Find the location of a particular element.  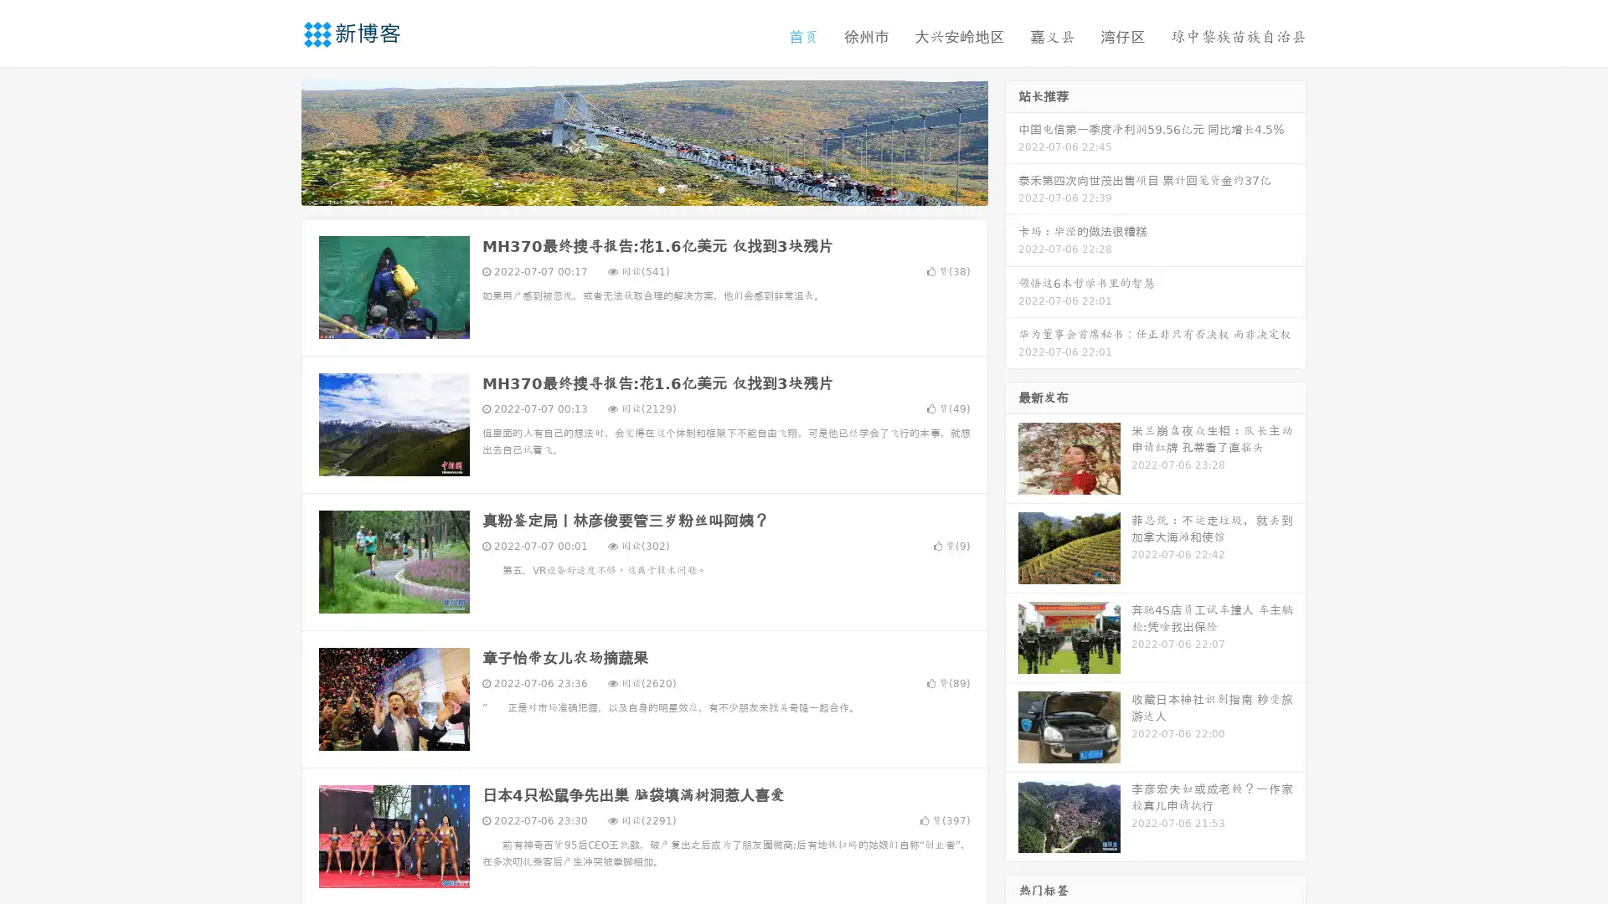

Go to slide 2 is located at coordinates (643, 188).